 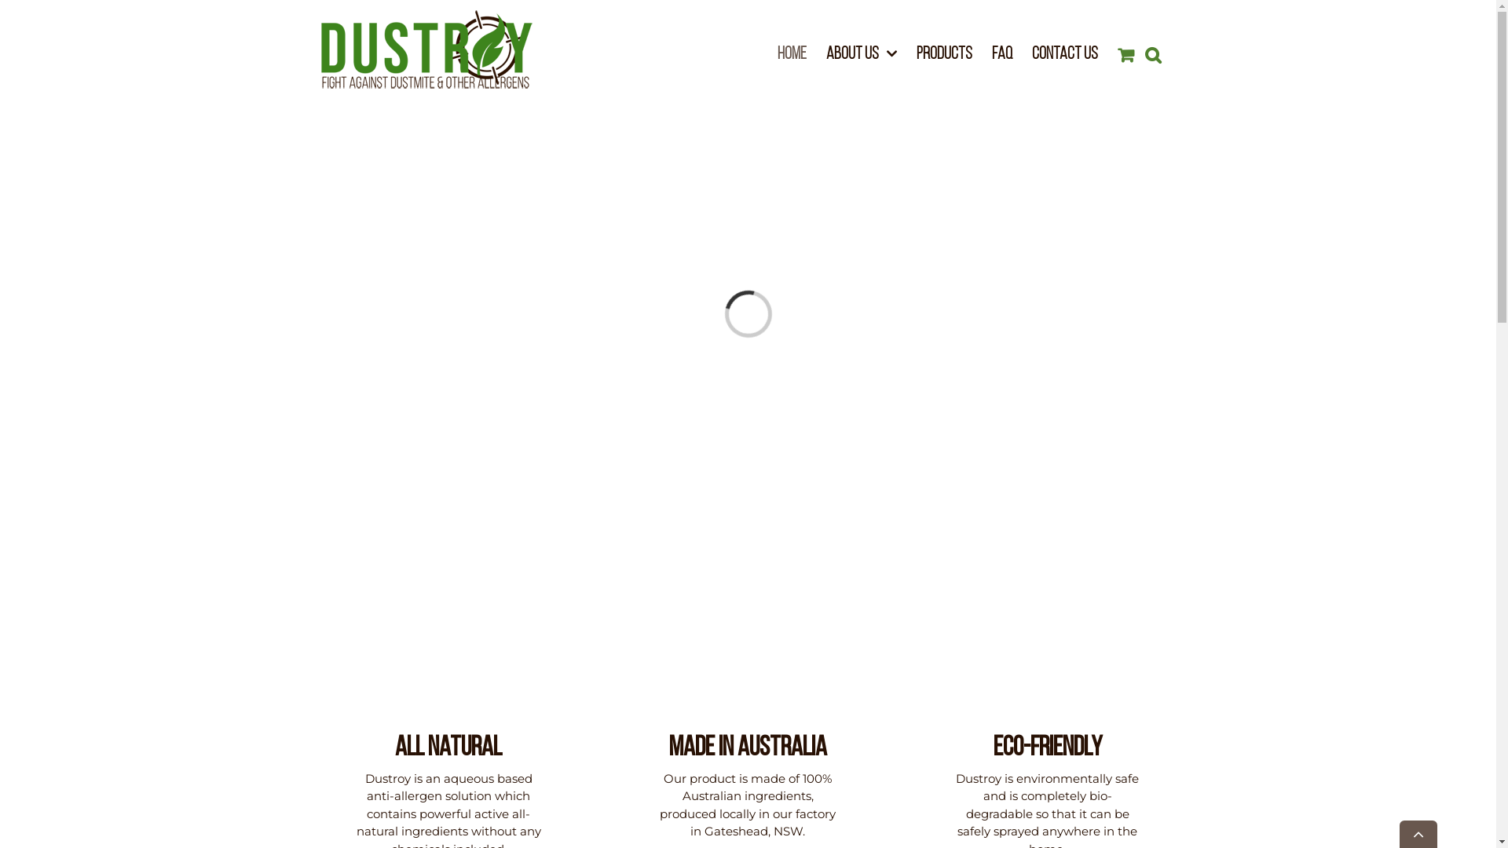 I want to click on 'CONTACT US', so click(x=1065, y=53).